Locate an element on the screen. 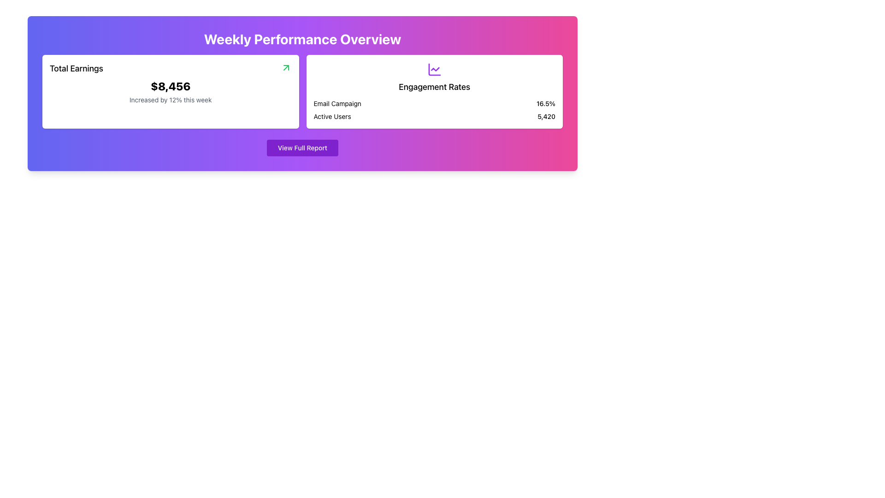  the arrow symbol icon located at the top-right corner of the white card displaying the 'Total Earnings' title is located at coordinates (285, 67).